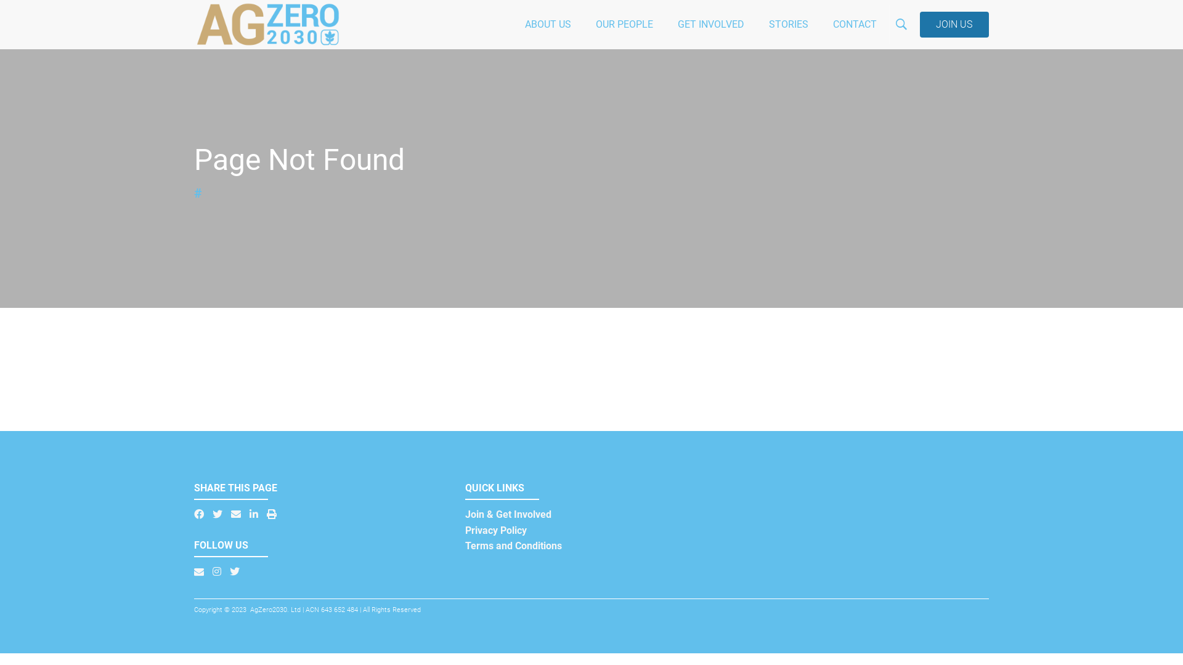  Describe the element at coordinates (217, 514) in the screenshot. I see `'Twitter'` at that location.